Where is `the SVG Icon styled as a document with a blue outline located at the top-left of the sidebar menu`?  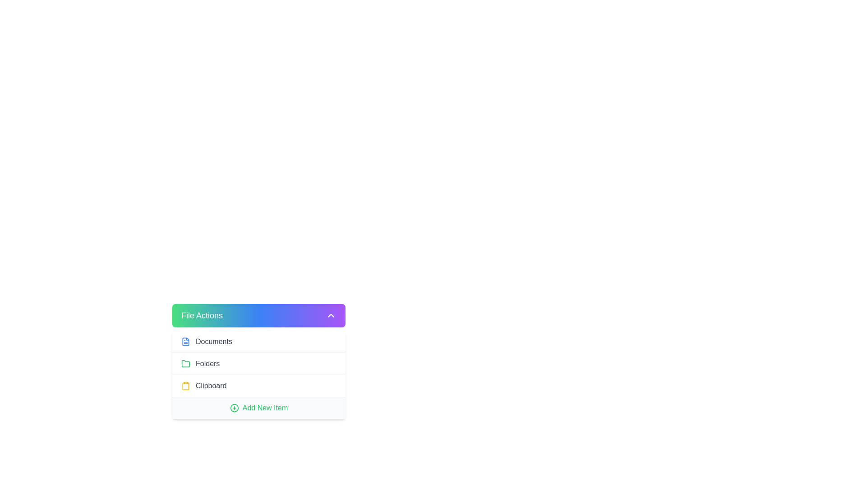 the SVG Icon styled as a document with a blue outline located at the top-left of the sidebar menu is located at coordinates (185, 342).